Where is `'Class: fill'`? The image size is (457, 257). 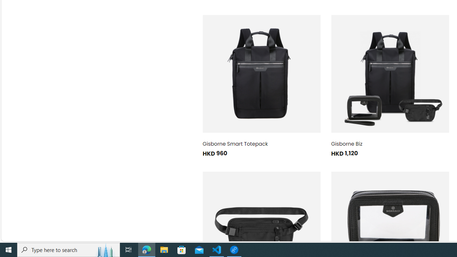
'Class: fill' is located at coordinates (390, 74).